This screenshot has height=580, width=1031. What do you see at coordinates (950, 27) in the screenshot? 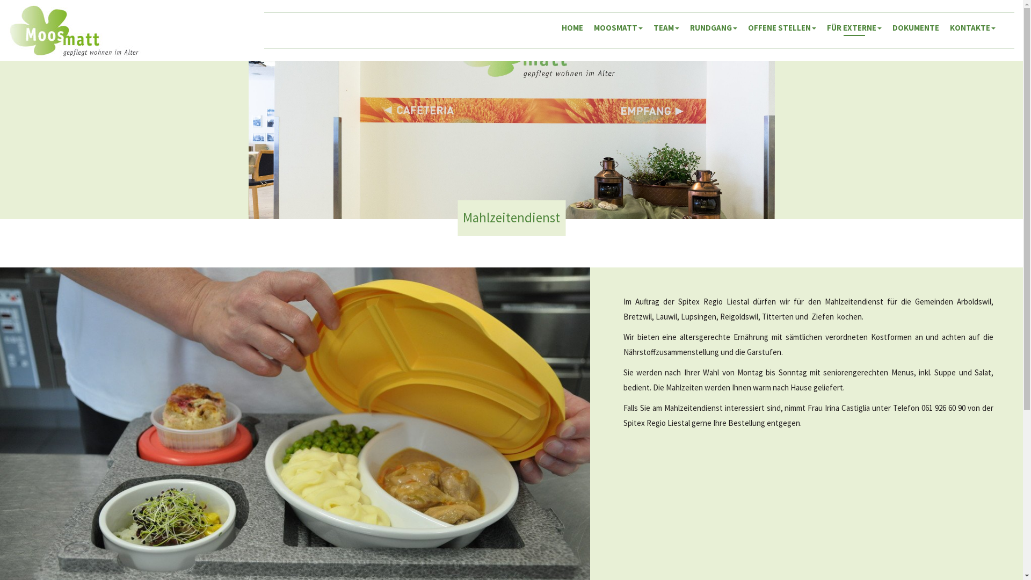
I see `'KONTAKTE'` at bounding box center [950, 27].